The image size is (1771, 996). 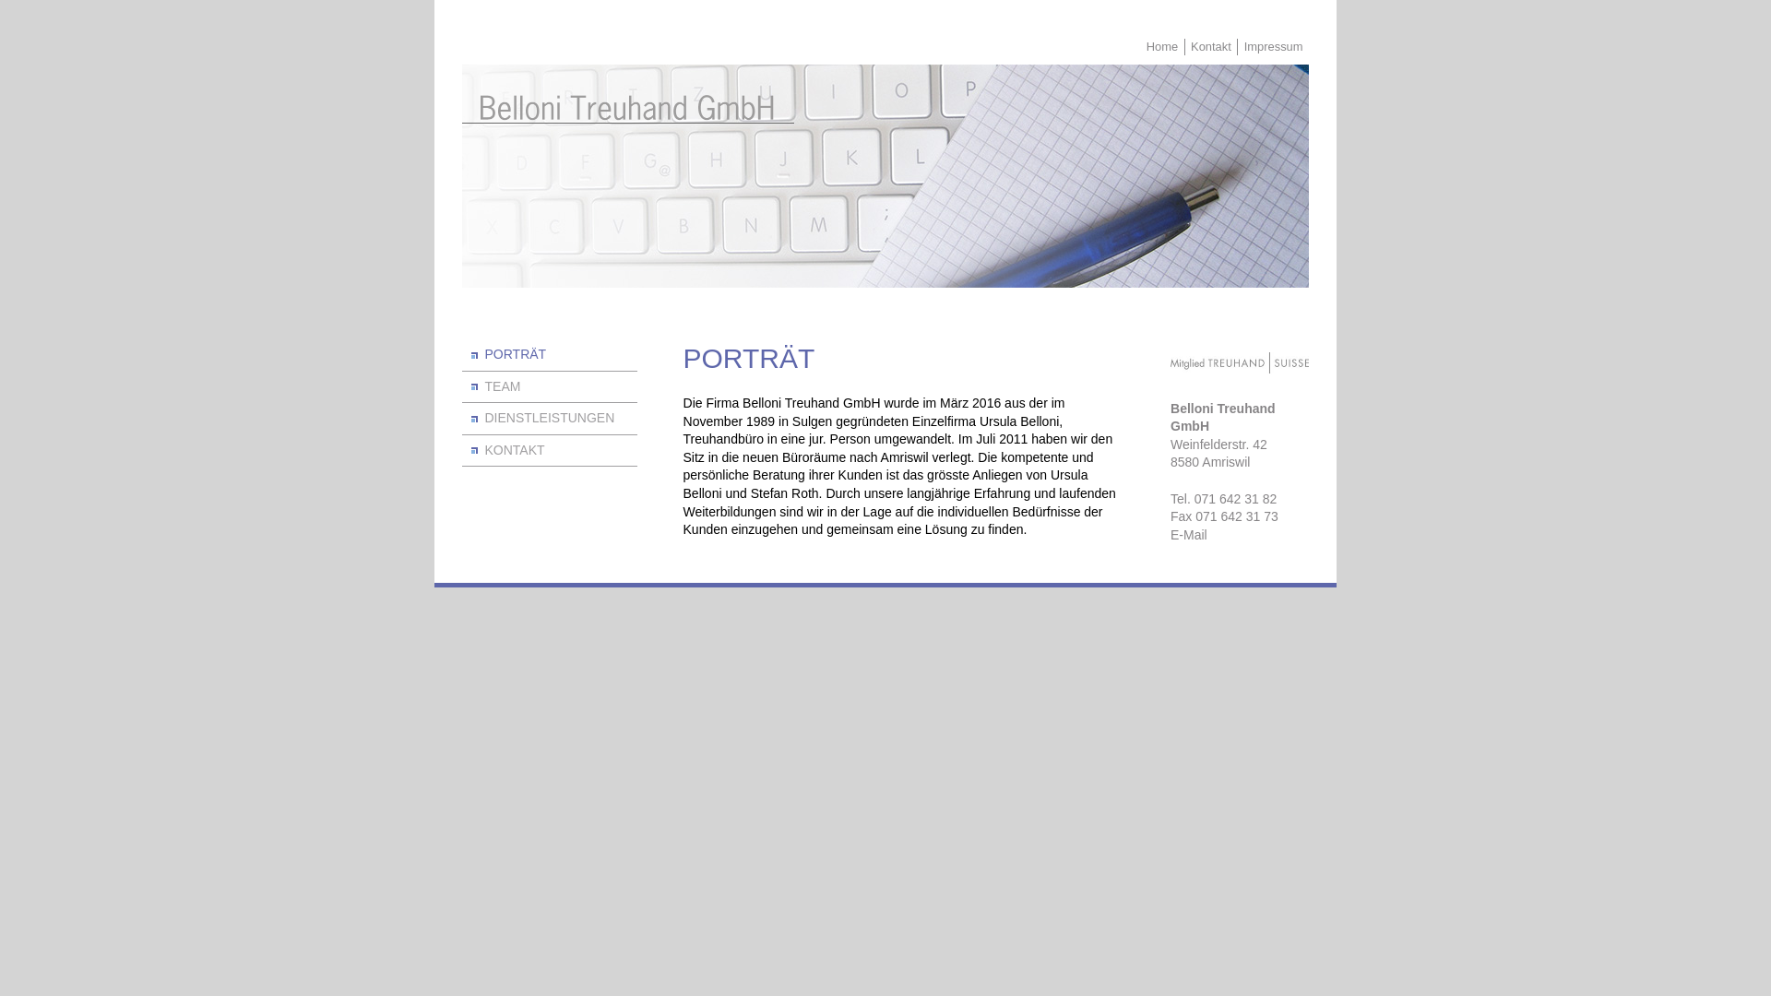 What do you see at coordinates (548, 419) in the screenshot?
I see `'DIENSTLEISTUNGEN'` at bounding box center [548, 419].